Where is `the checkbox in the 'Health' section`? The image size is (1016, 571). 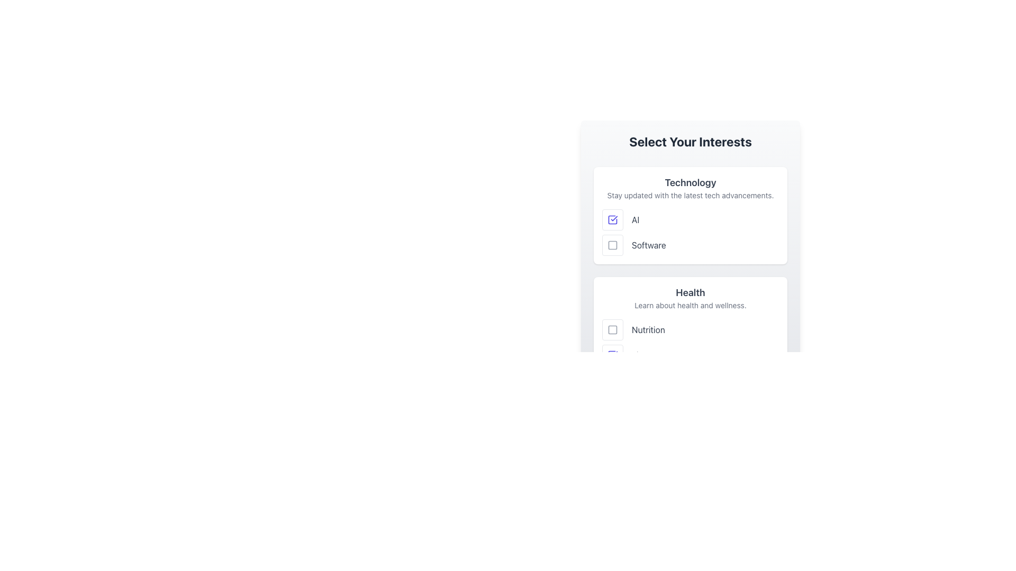
the checkbox in the 'Health' section is located at coordinates (612, 329).